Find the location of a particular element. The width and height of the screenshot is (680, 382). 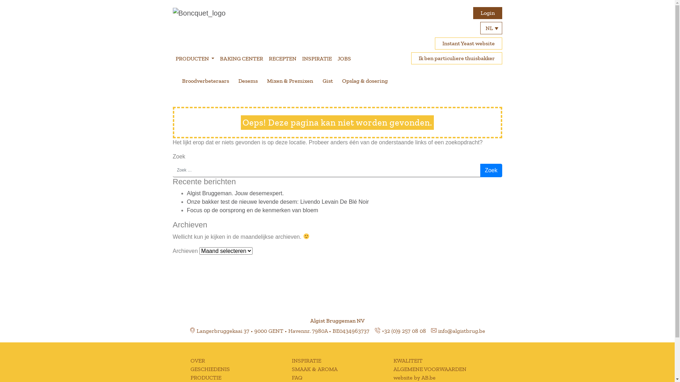

'INSPIRATIE' is located at coordinates (316, 58).